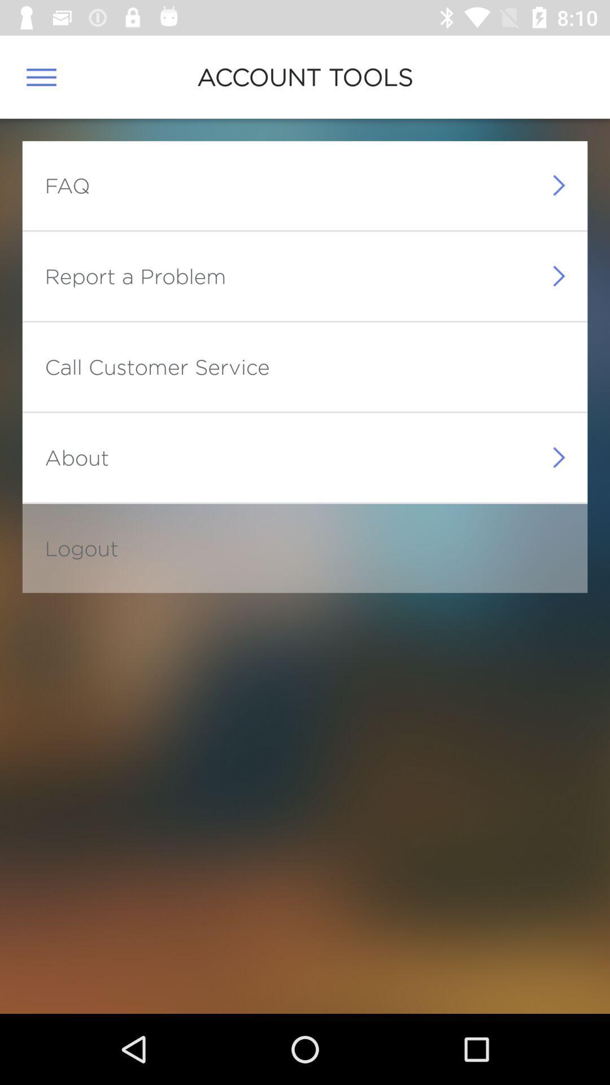  I want to click on the call customer service item, so click(157, 367).